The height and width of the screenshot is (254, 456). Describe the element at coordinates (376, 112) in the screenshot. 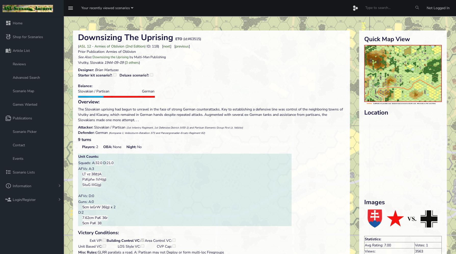

I see `'Location'` at that location.